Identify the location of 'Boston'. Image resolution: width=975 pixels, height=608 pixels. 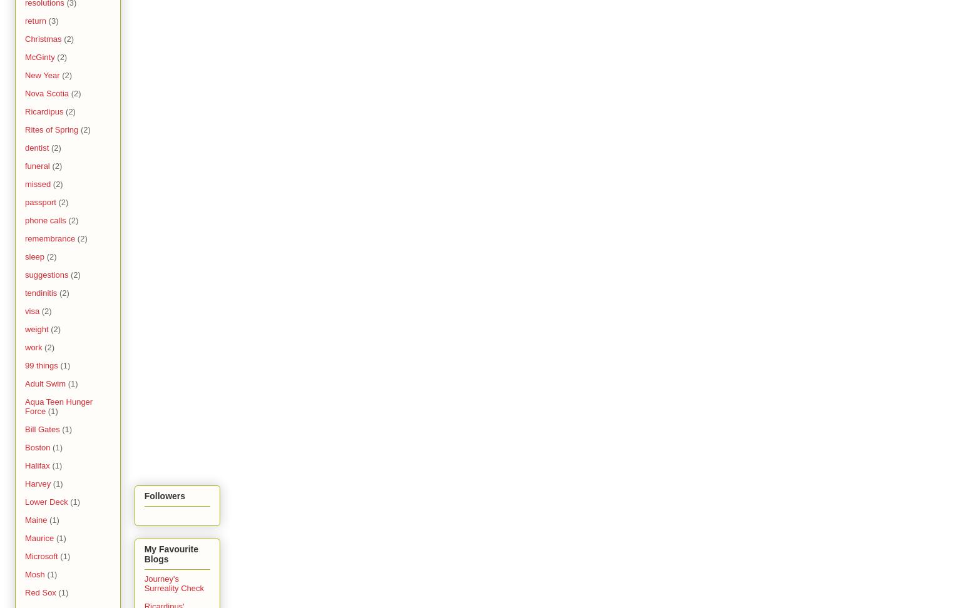
(25, 447).